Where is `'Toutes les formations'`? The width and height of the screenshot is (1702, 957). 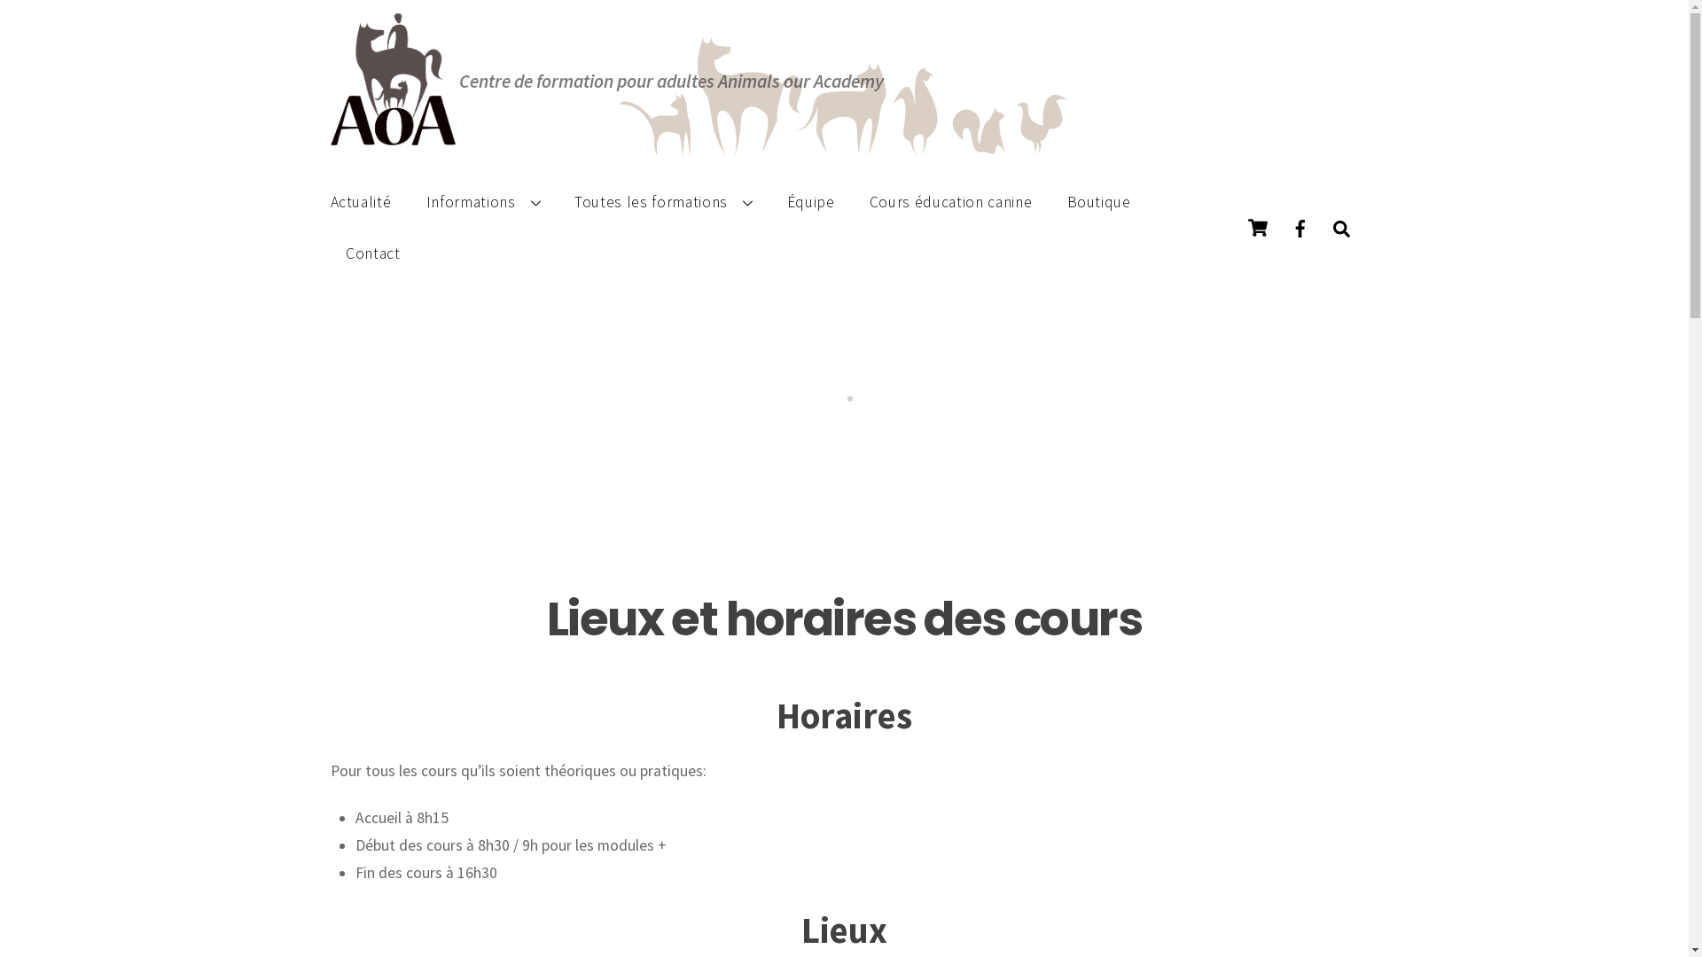 'Toutes les formations' is located at coordinates (662, 201).